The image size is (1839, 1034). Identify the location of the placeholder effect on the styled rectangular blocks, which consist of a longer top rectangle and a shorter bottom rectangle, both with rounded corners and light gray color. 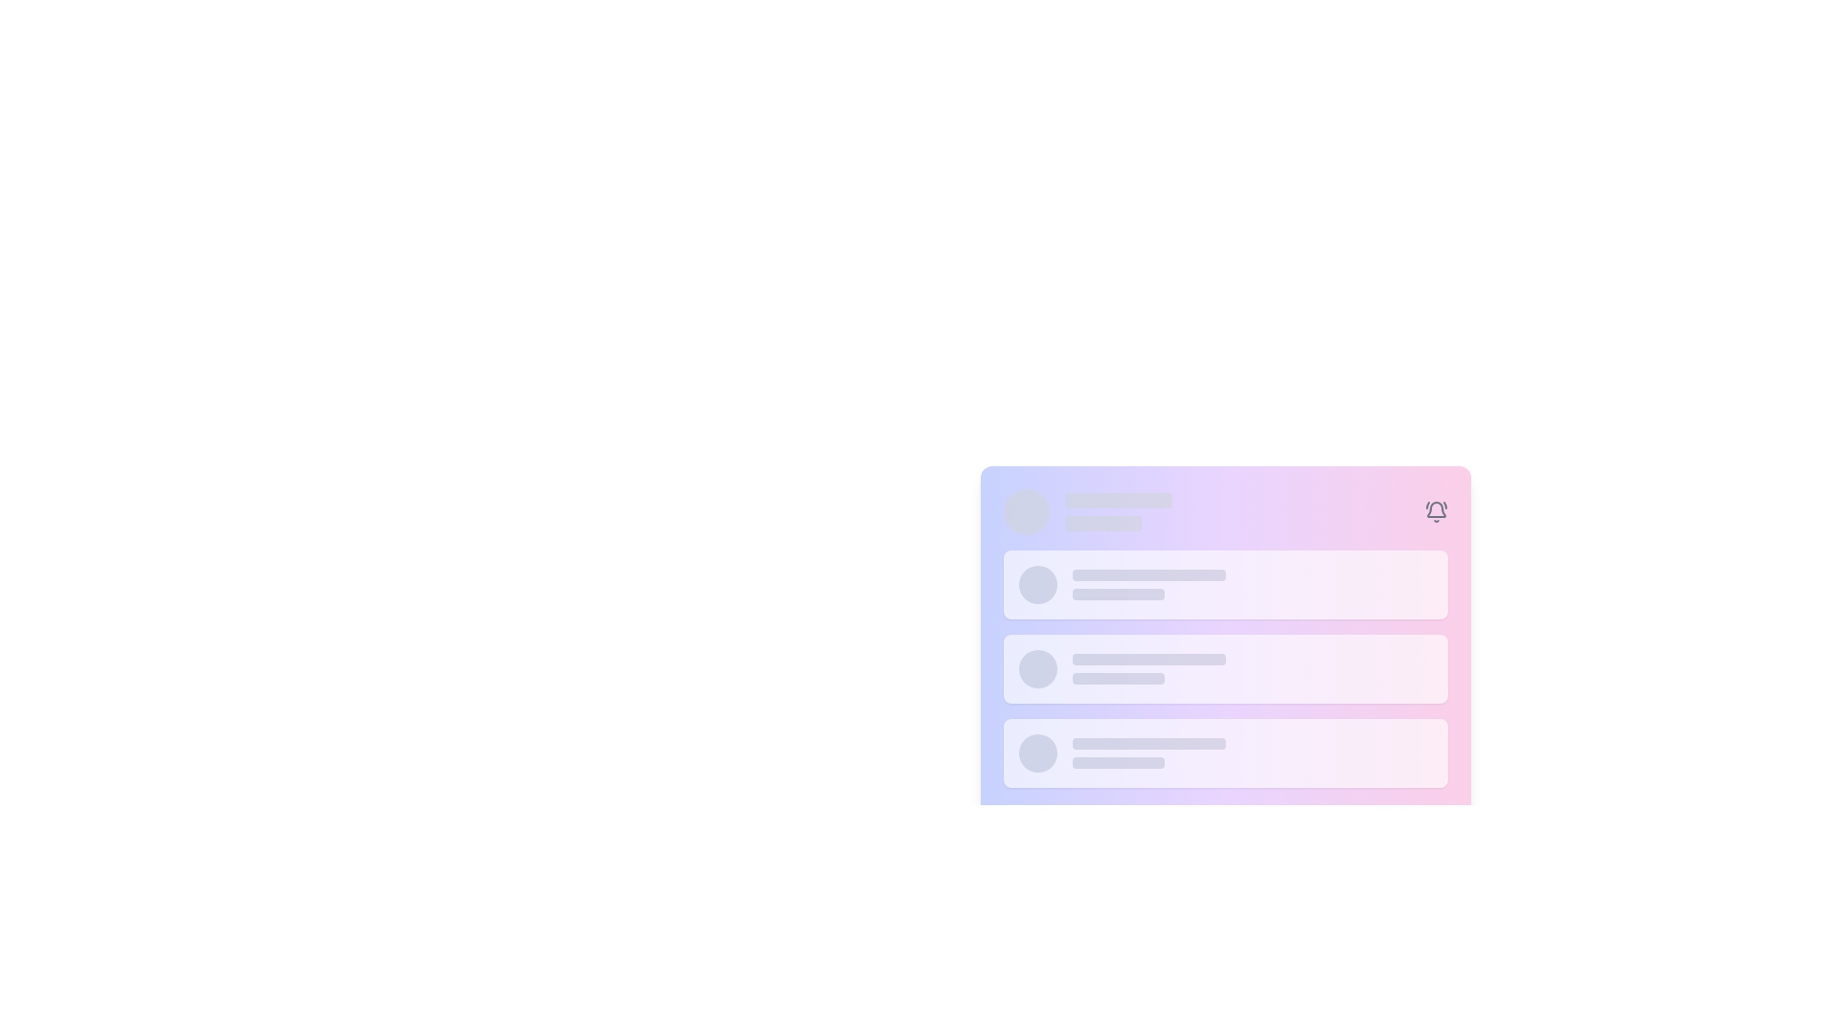
(1148, 752).